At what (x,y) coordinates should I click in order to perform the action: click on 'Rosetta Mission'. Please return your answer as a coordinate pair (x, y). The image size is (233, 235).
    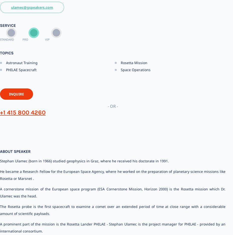
    Looking at the image, I should click on (121, 62).